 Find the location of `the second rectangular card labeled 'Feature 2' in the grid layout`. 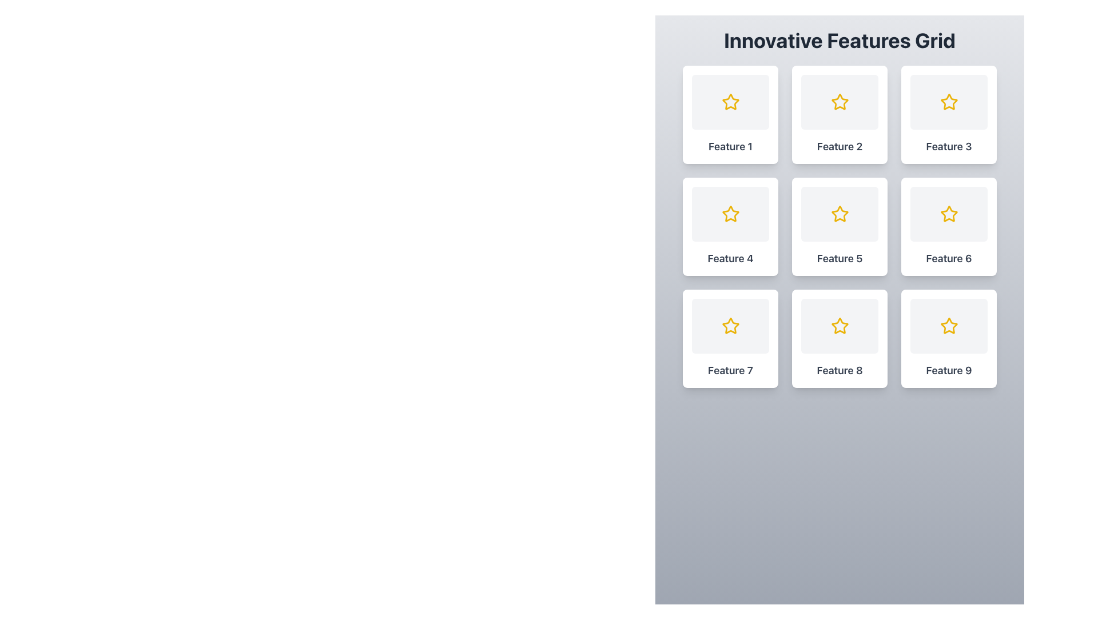

the second rectangular card labeled 'Feature 2' in the grid layout is located at coordinates (840, 114).